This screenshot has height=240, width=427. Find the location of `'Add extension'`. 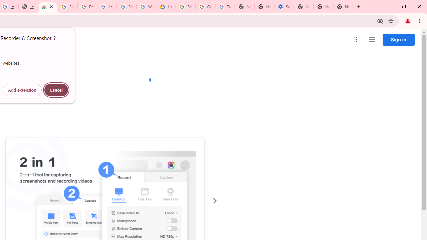

'Add extension' is located at coordinates (22, 90).